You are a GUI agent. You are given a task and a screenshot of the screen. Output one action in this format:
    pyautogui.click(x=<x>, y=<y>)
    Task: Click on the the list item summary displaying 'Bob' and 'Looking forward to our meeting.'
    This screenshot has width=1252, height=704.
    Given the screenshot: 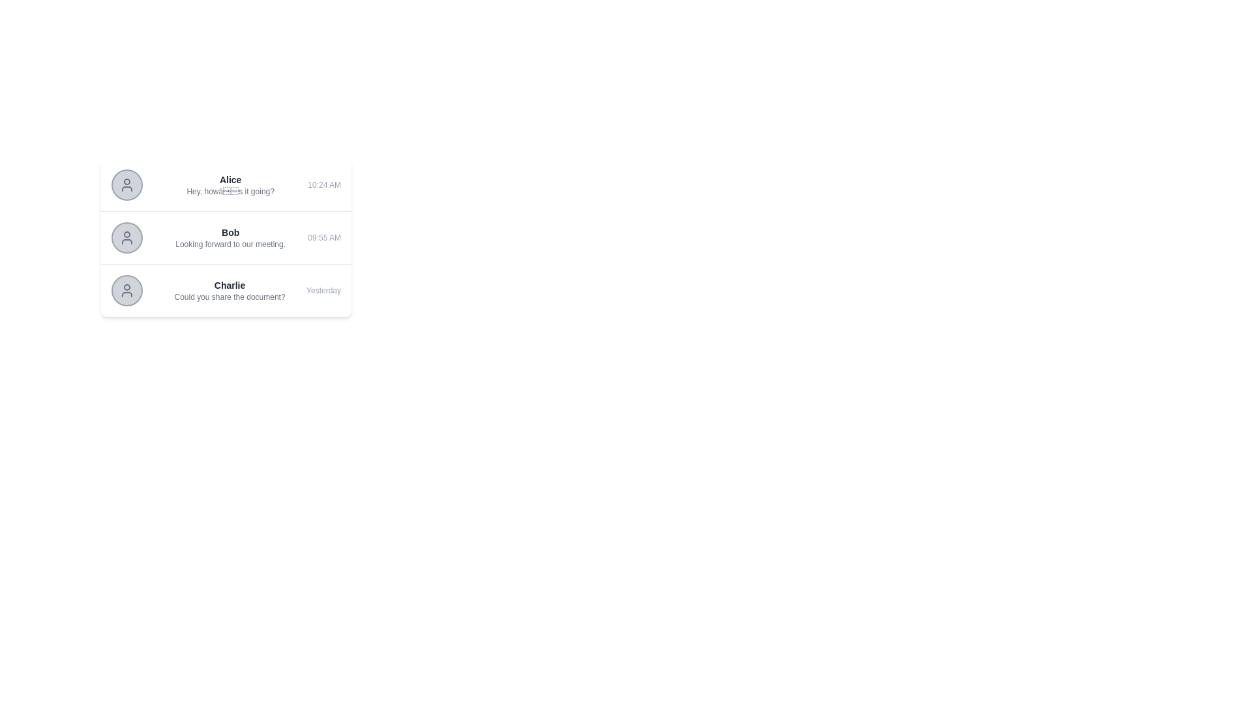 What is the action you would take?
    pyautogui.click(x=230, y=238)
    